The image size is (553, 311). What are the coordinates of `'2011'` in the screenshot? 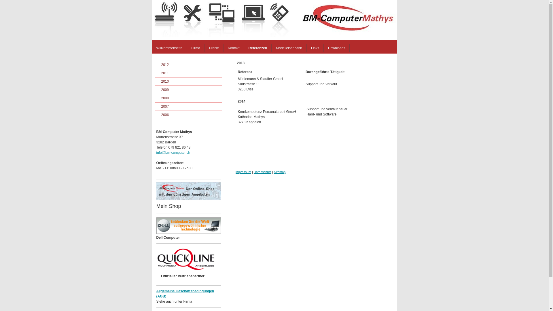 It's located at (188, 73).